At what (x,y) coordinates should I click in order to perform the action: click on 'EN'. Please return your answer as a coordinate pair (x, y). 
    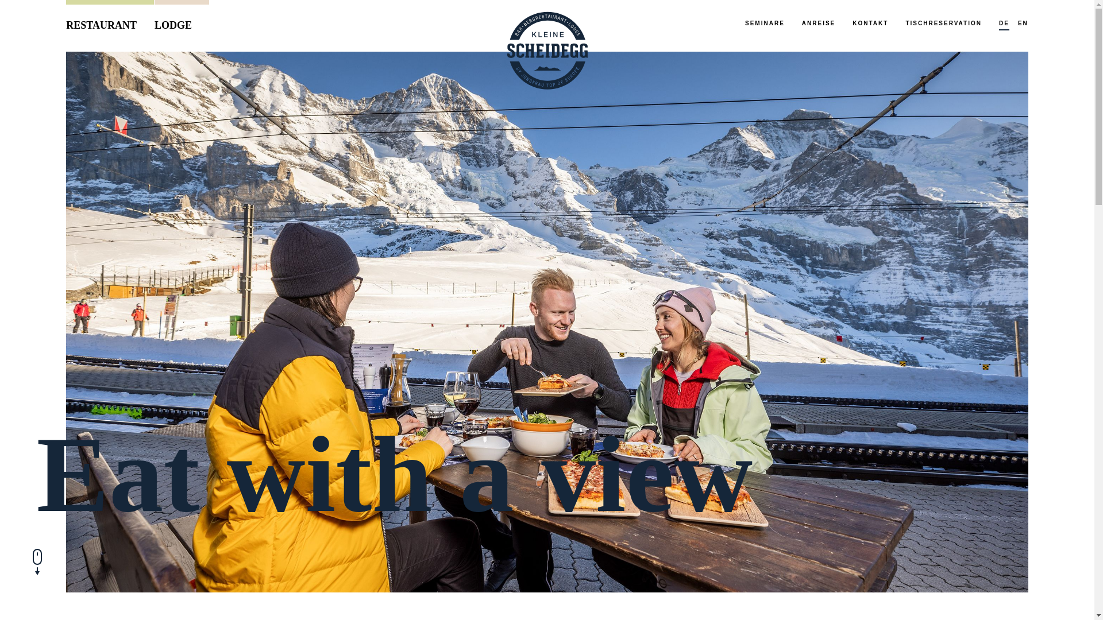
    Looking at the image, I should click on (1017, 24).